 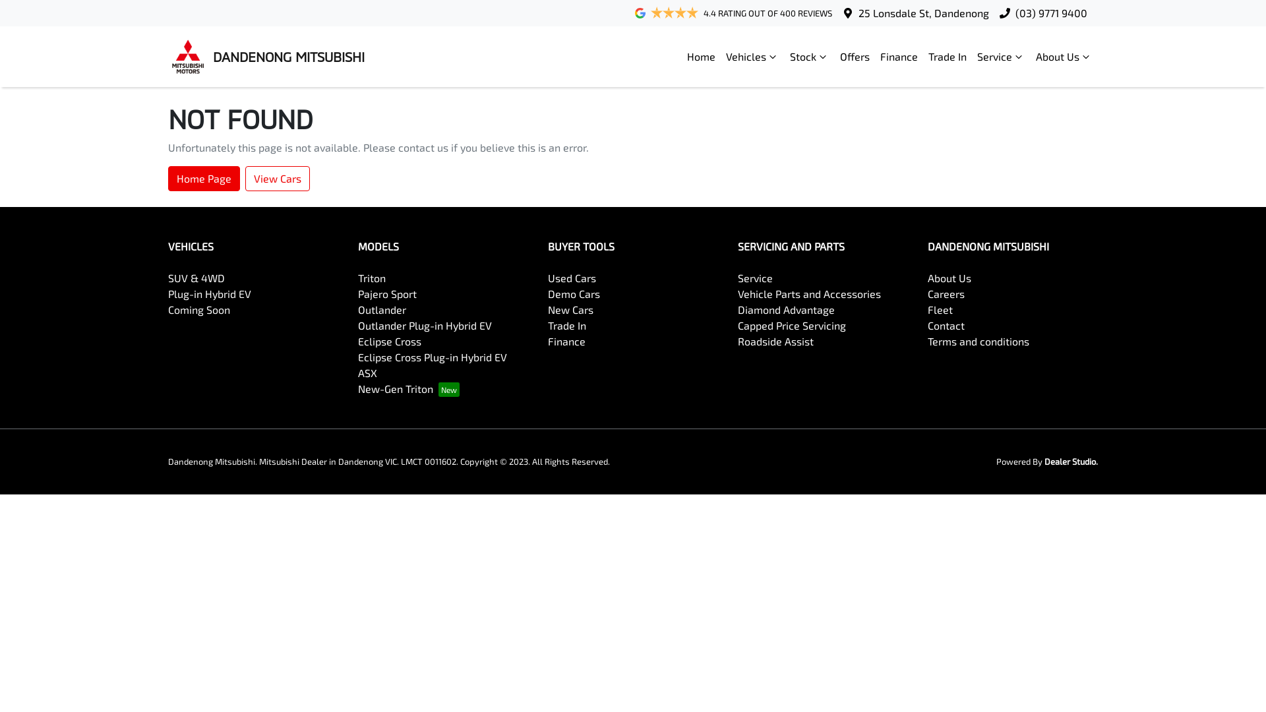 I want to click on 'Vehicle Parts and Accessories', so click(x=808, y=293).